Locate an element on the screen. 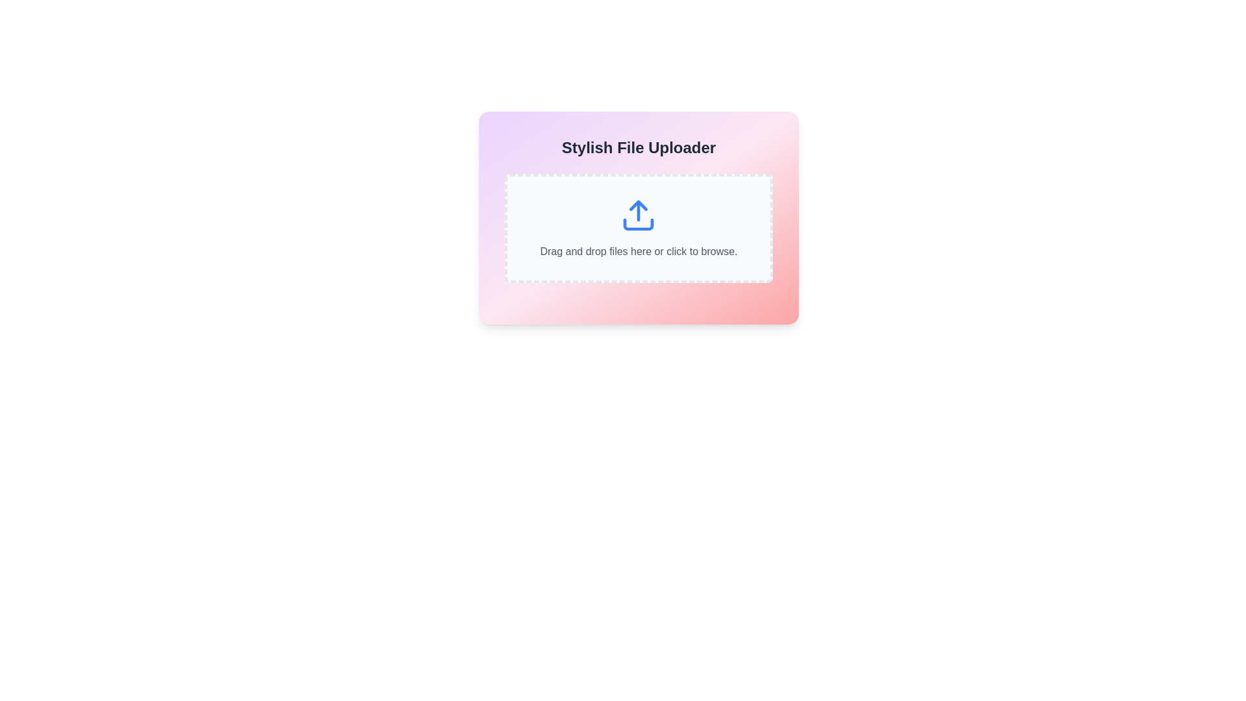 This screenshot has height=701, width=1246. files onto the interactive upload area, which features a blue upload arrow icon and instructive text stating 'Drag and drop files here or click is located at coordinates (639, 227).